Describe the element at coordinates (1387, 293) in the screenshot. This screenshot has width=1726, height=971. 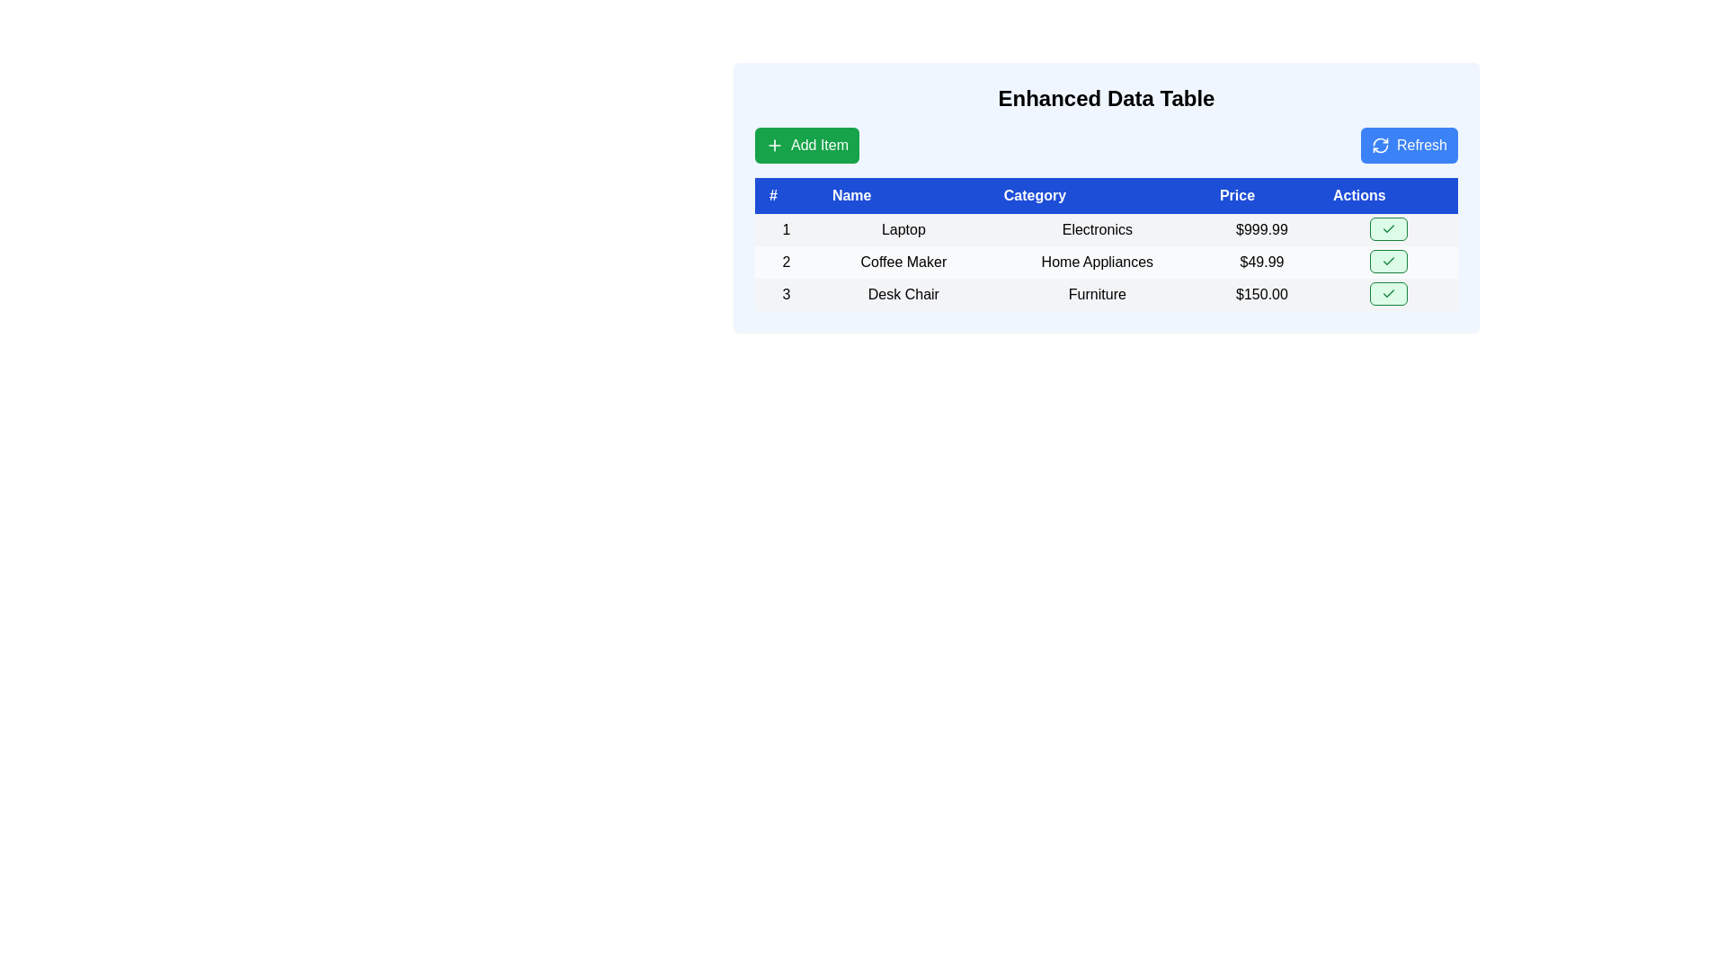
I see `the confirmation button with a checkmark icon located in the 'Actions' column of the third row in the data table for the 'Desk Chair' entry to confirm the associated action` at that location.